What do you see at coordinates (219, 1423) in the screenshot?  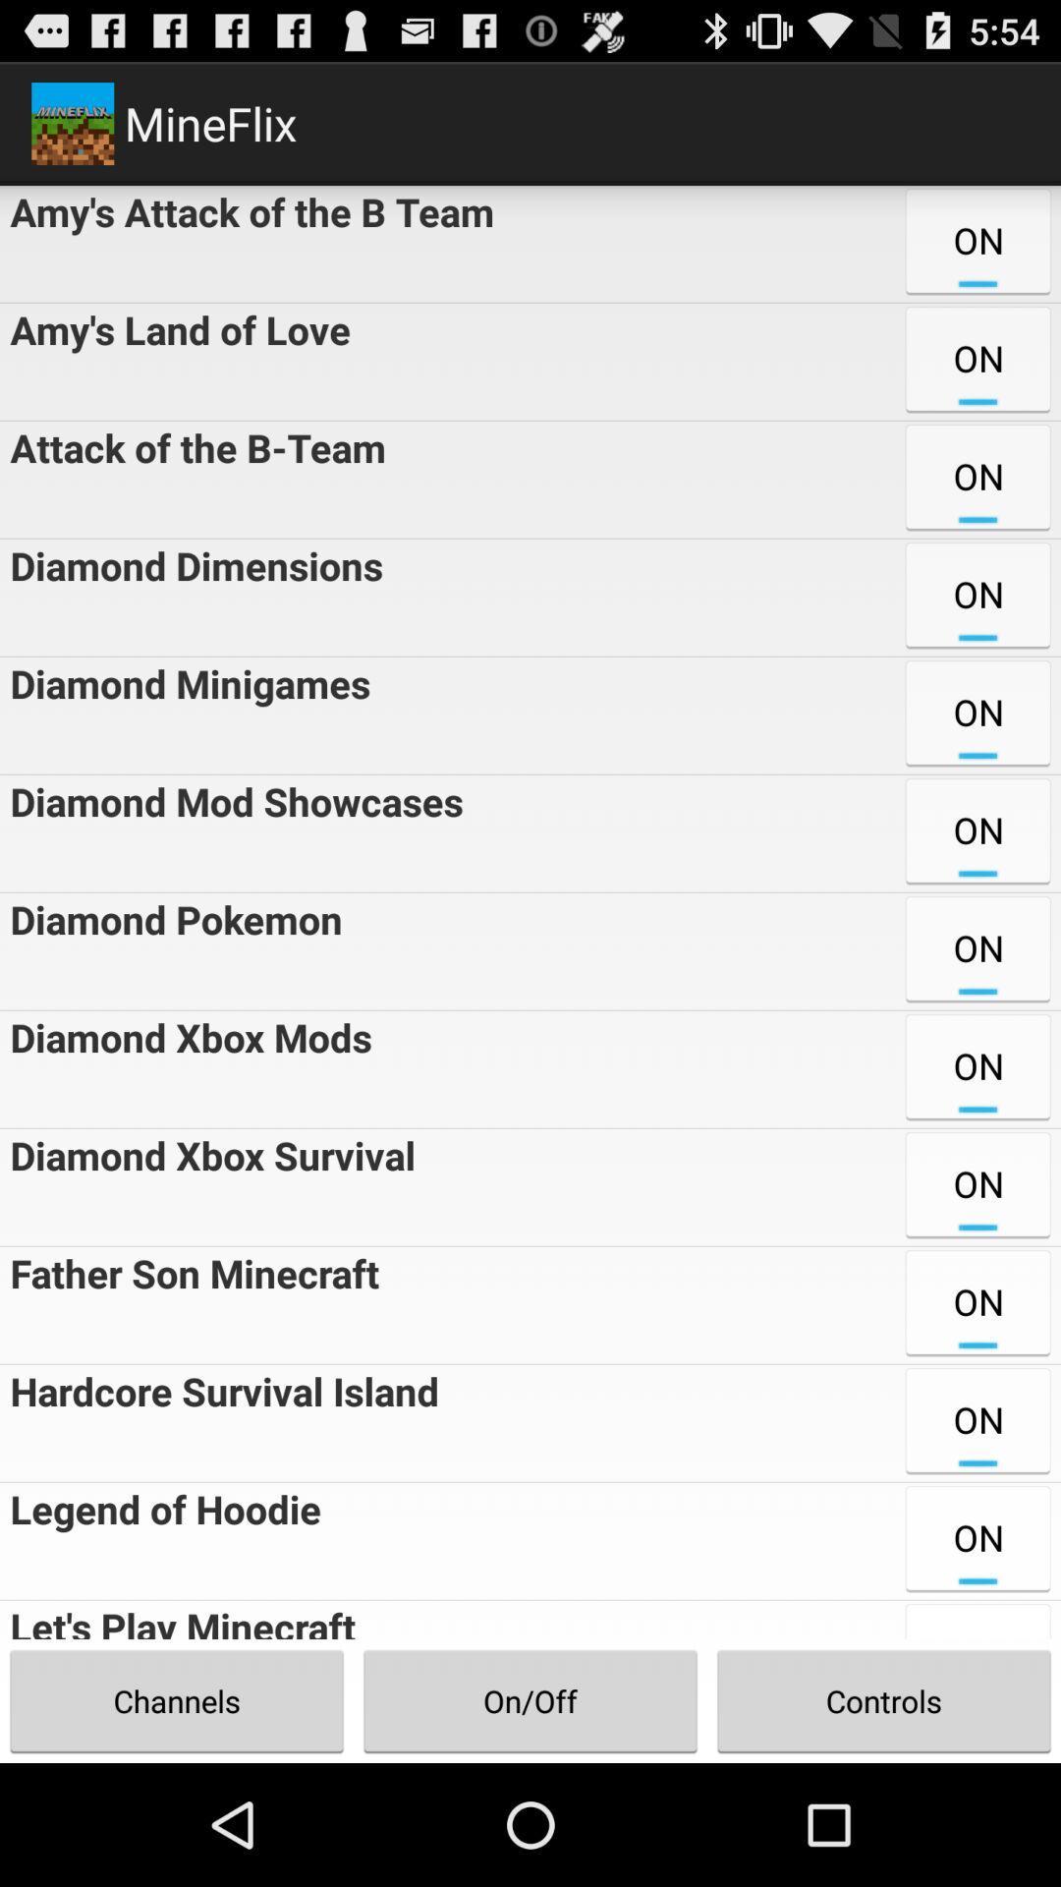 I see `item to the left of the on item` at bounding box center [219, 1423].